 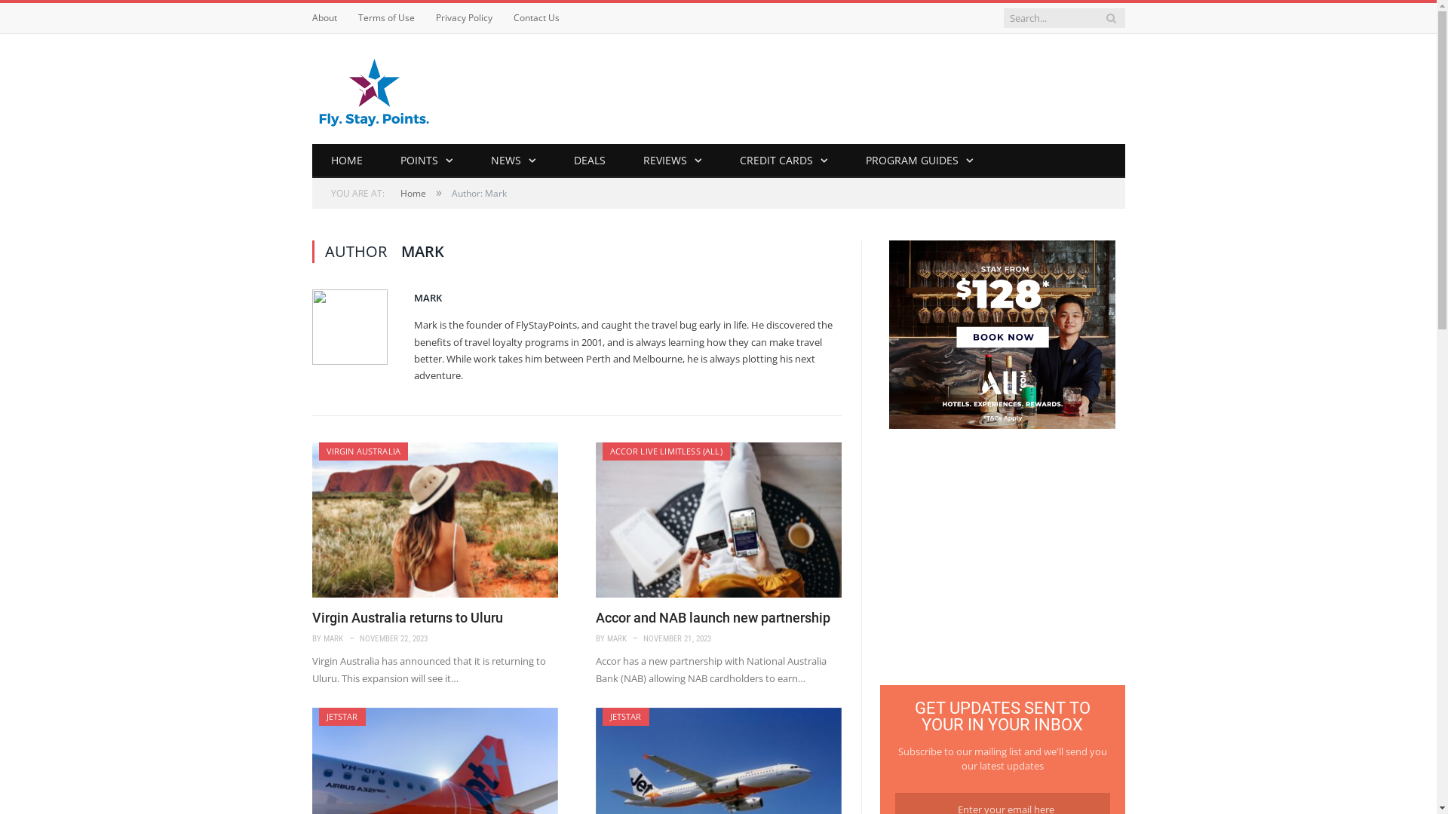 I want to click on 'NEWS', so click(x=471, y=161).